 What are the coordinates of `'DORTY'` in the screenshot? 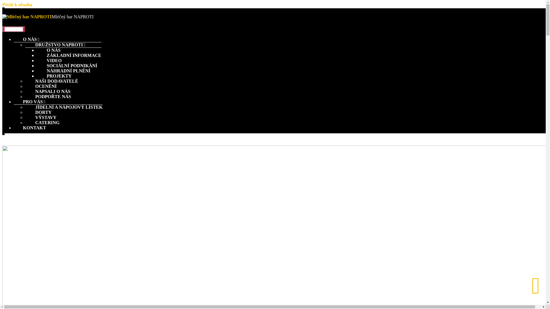 It's located at (38, 106).